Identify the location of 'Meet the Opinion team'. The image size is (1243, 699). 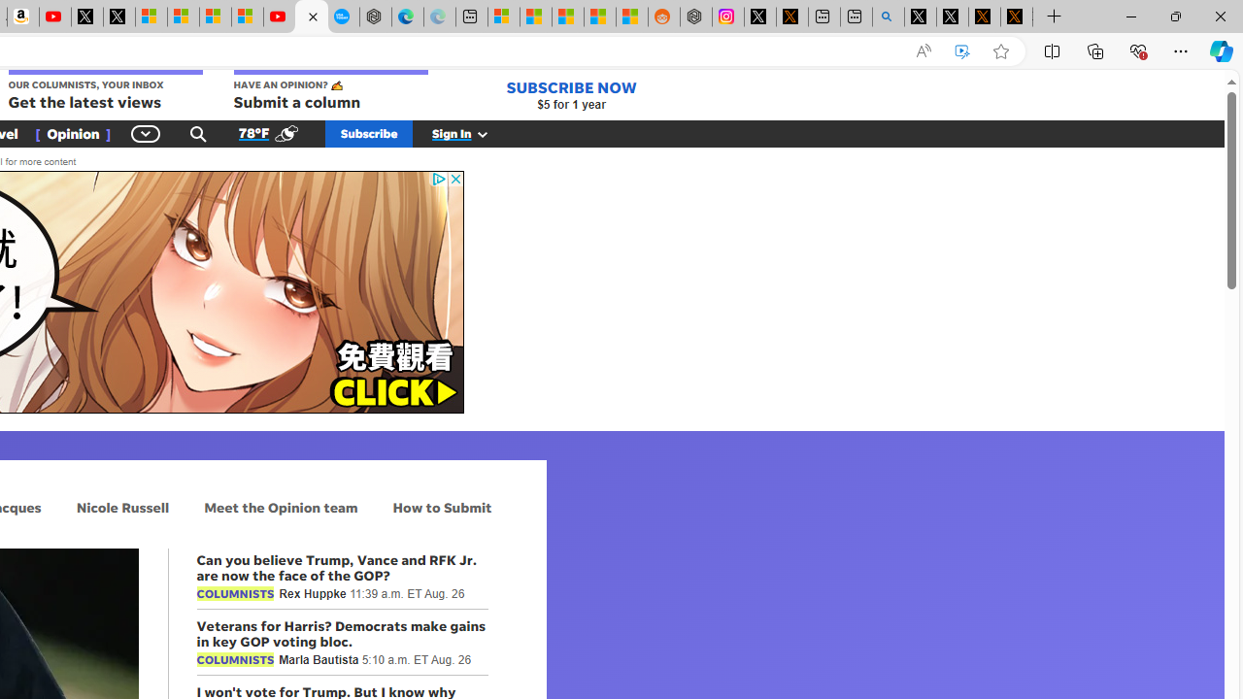
(280, 506).